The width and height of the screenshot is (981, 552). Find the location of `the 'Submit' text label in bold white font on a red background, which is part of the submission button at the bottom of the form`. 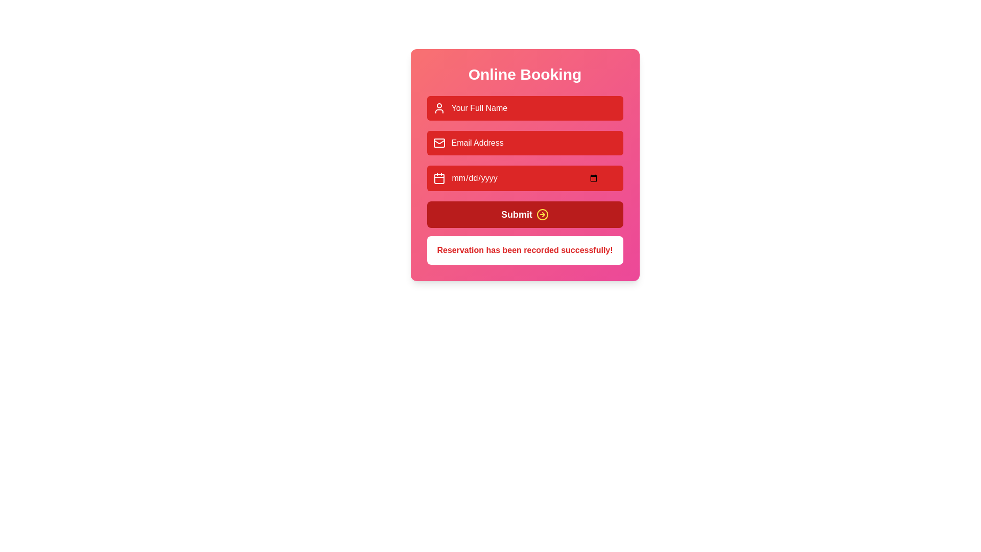

the 'Submit' text label in bold white font on a red background, which is part of the submission button at the bottom of the form is located at coordinates (517, 214).